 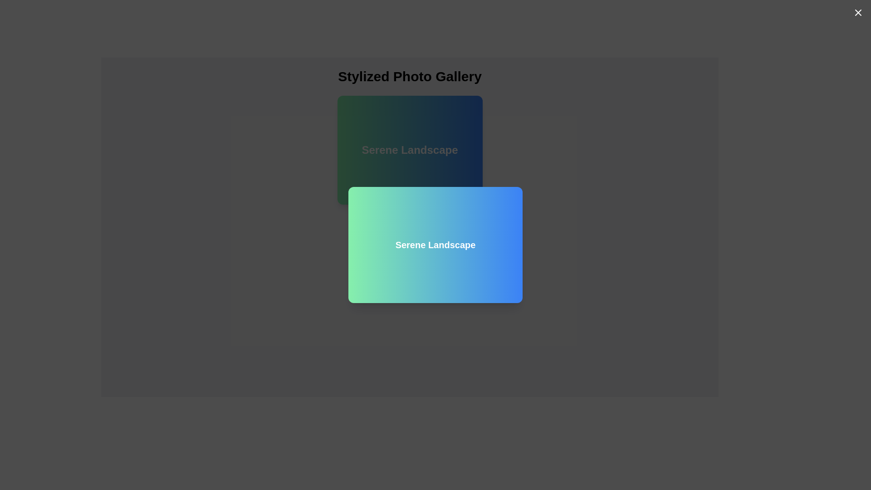 What do you see at coordinates (409, 150) in the screenshot?
I see `the Interactive Card located below the 'Stylized Photo Gallery' header in the column layout` at bounding box center [409, 150].